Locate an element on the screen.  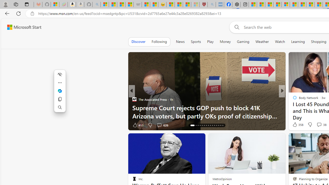
'AutomationID: tab-16' is located at coordinates (192, 125).